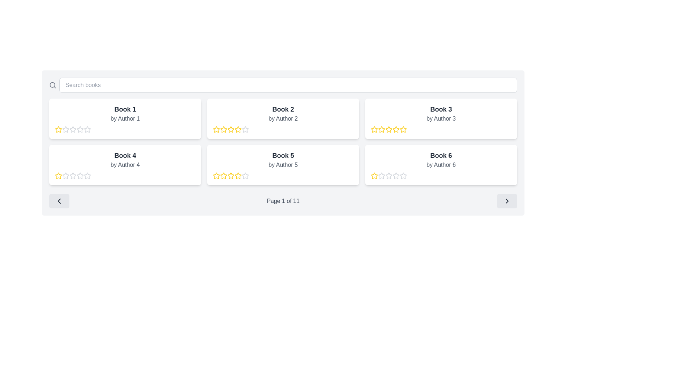 Image resolution: width=694 pixels, height=390 pixels. What do you see at coordinates (388, 175) in the screenshot?
I see `the unfilled star icon, which is the second star in the rating system for 'Book 6' by 'Author 6', located in the bottom right card of the page` at bounding box center [388, 175].